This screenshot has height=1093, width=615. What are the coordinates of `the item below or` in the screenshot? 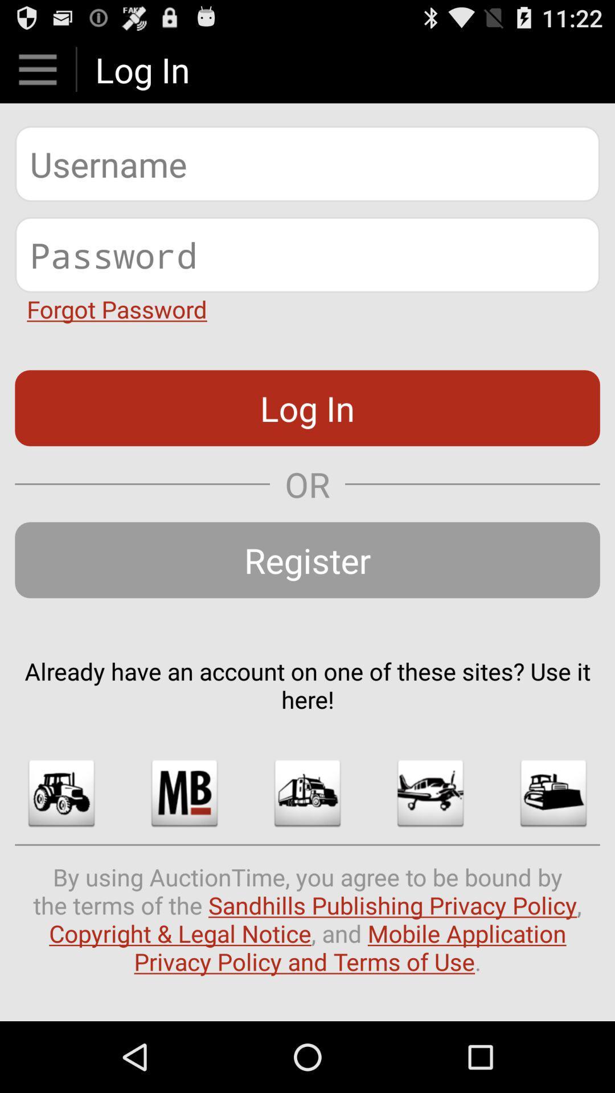 It's located at (307, 560).